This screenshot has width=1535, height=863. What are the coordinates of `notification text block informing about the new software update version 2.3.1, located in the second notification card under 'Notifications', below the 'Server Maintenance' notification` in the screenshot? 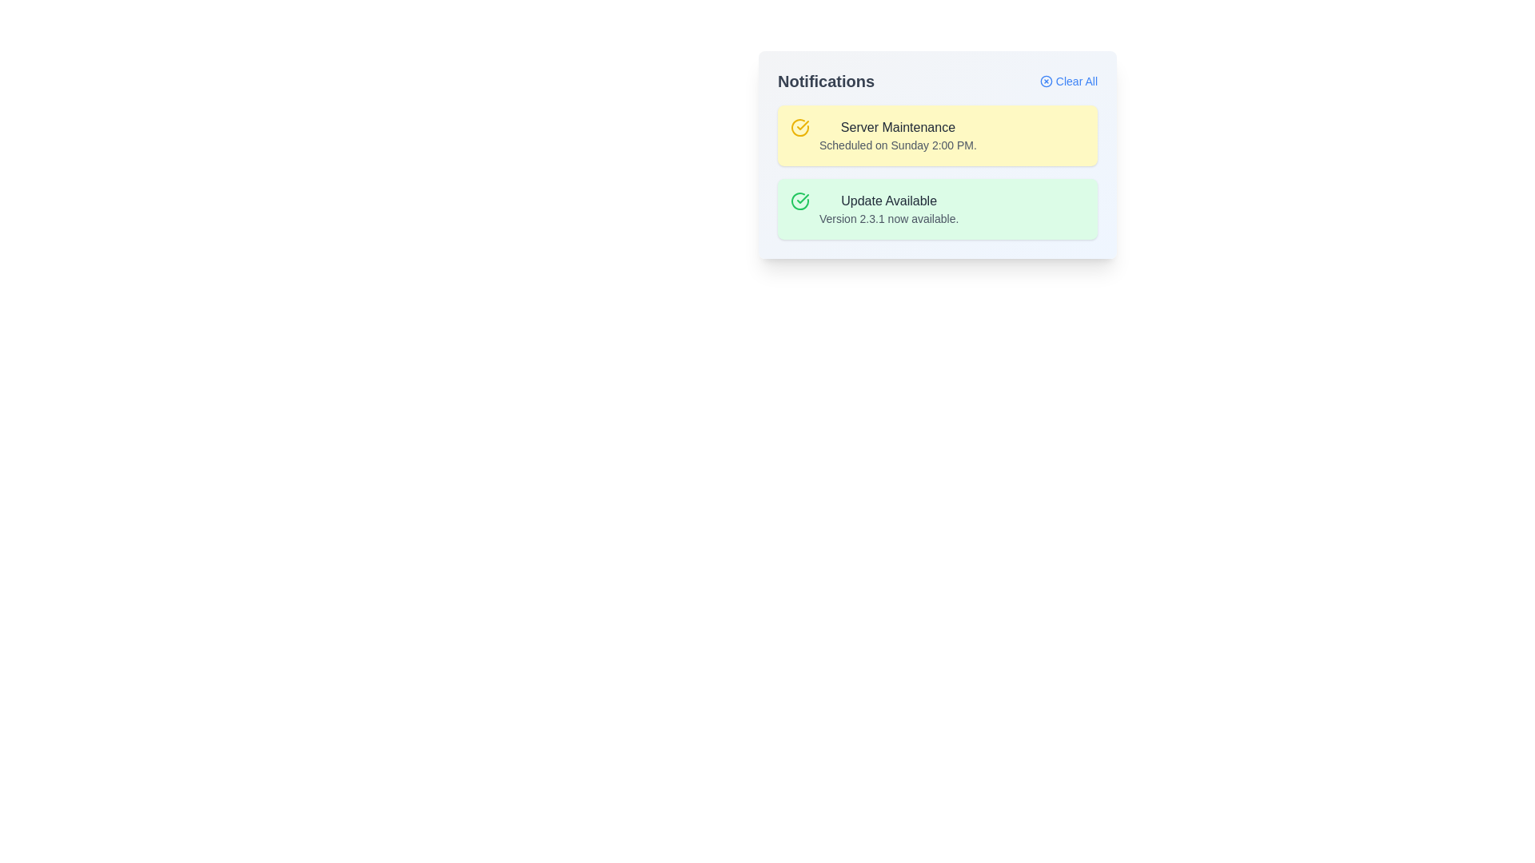 It's located at (888, 209).